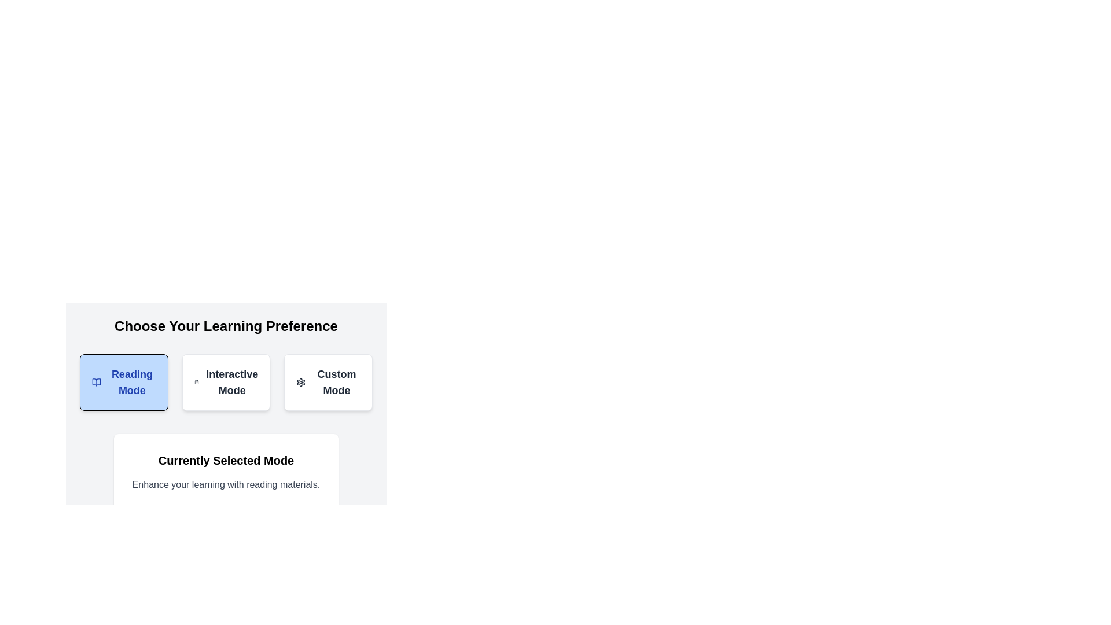 This screenshot has width=1111, height=625. Describe the element at coordinates (124, 382) in the screenshot. I see `the learning mode Reading Mode` at that location.